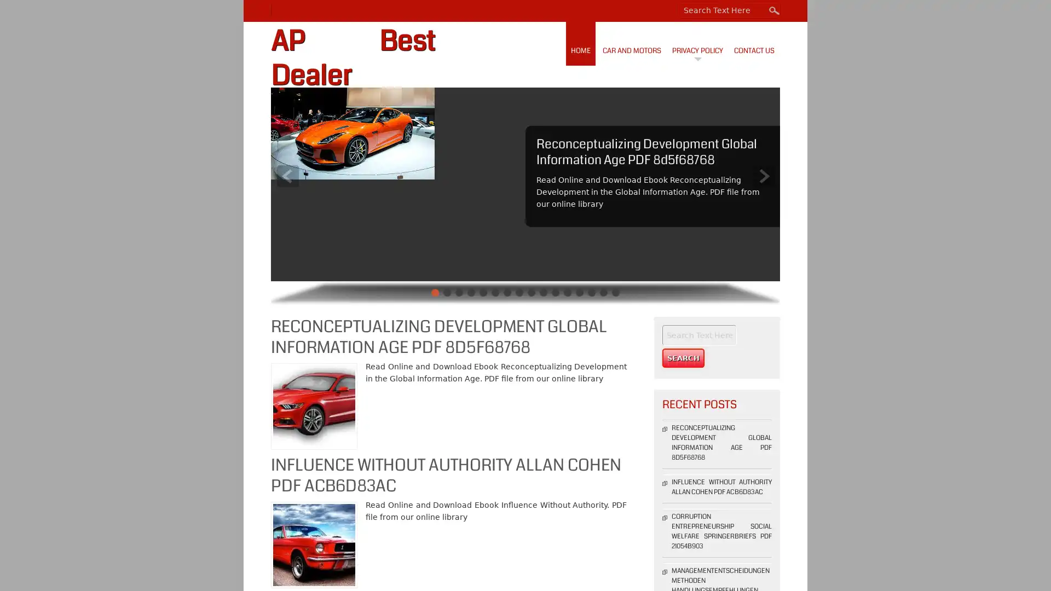  What do you see at coordinates (683, 358) in the screenshot?
I see `Search` at bounding box center [683, 358].